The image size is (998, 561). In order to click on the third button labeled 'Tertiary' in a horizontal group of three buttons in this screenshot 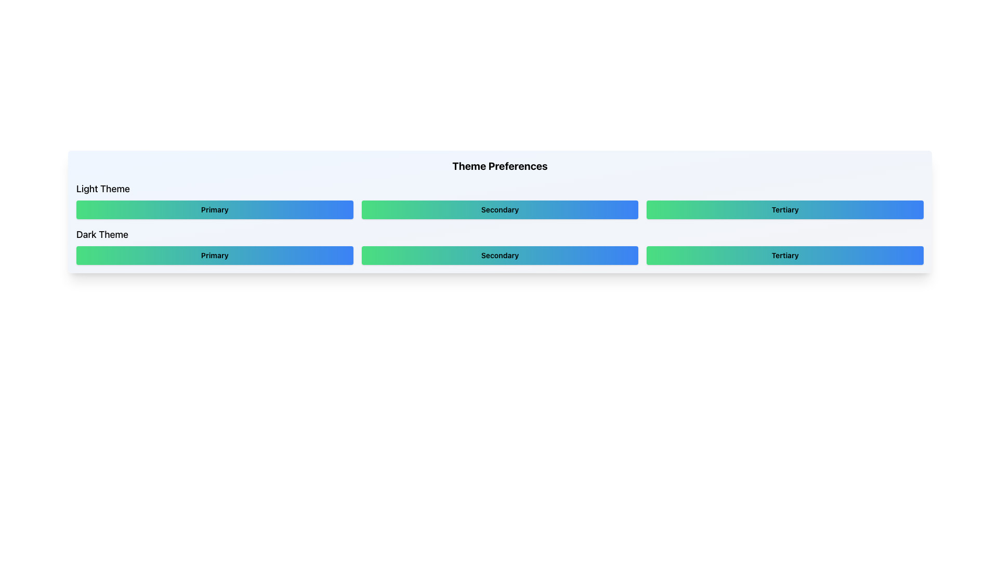, I will do `click(785, 256)`.